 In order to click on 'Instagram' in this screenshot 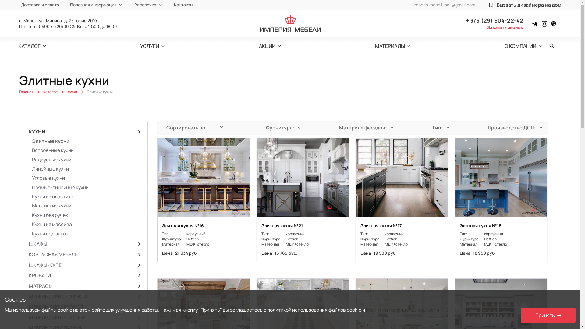, I will do `click(535, 23)`.